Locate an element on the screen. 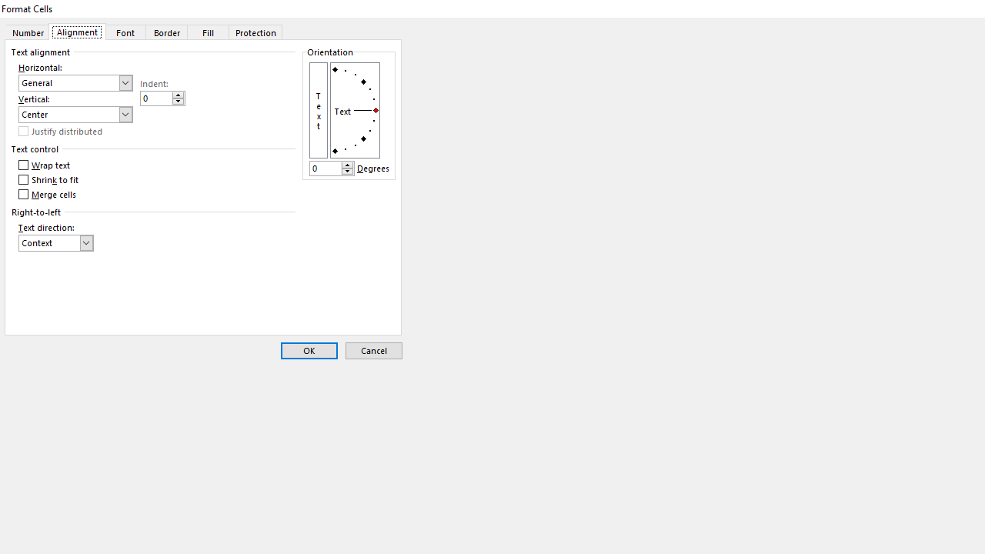 Image resolution: width=985 pixels, height=554 pixels. 'Protection' is located at coordinates (256, 32).